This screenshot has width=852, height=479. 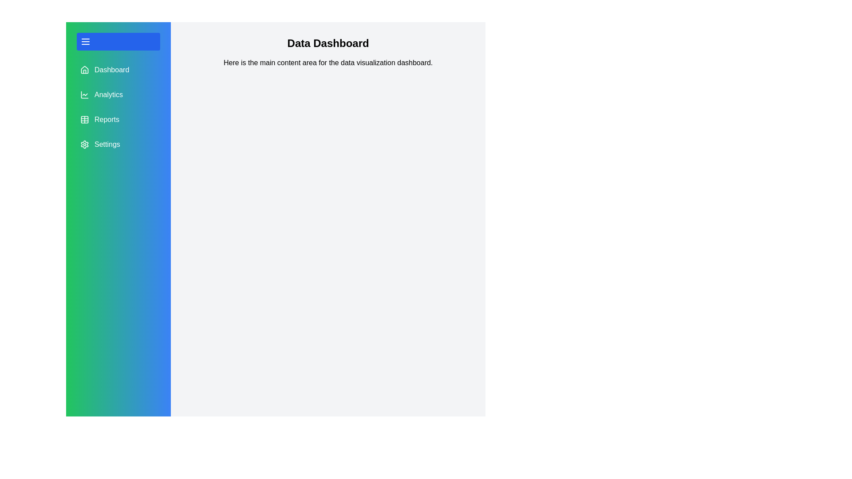 What do you see at coordinates (118, 120) in the screenshot?
I see `the menu item Reports in the side drawer` at bounding box center [118, 120].